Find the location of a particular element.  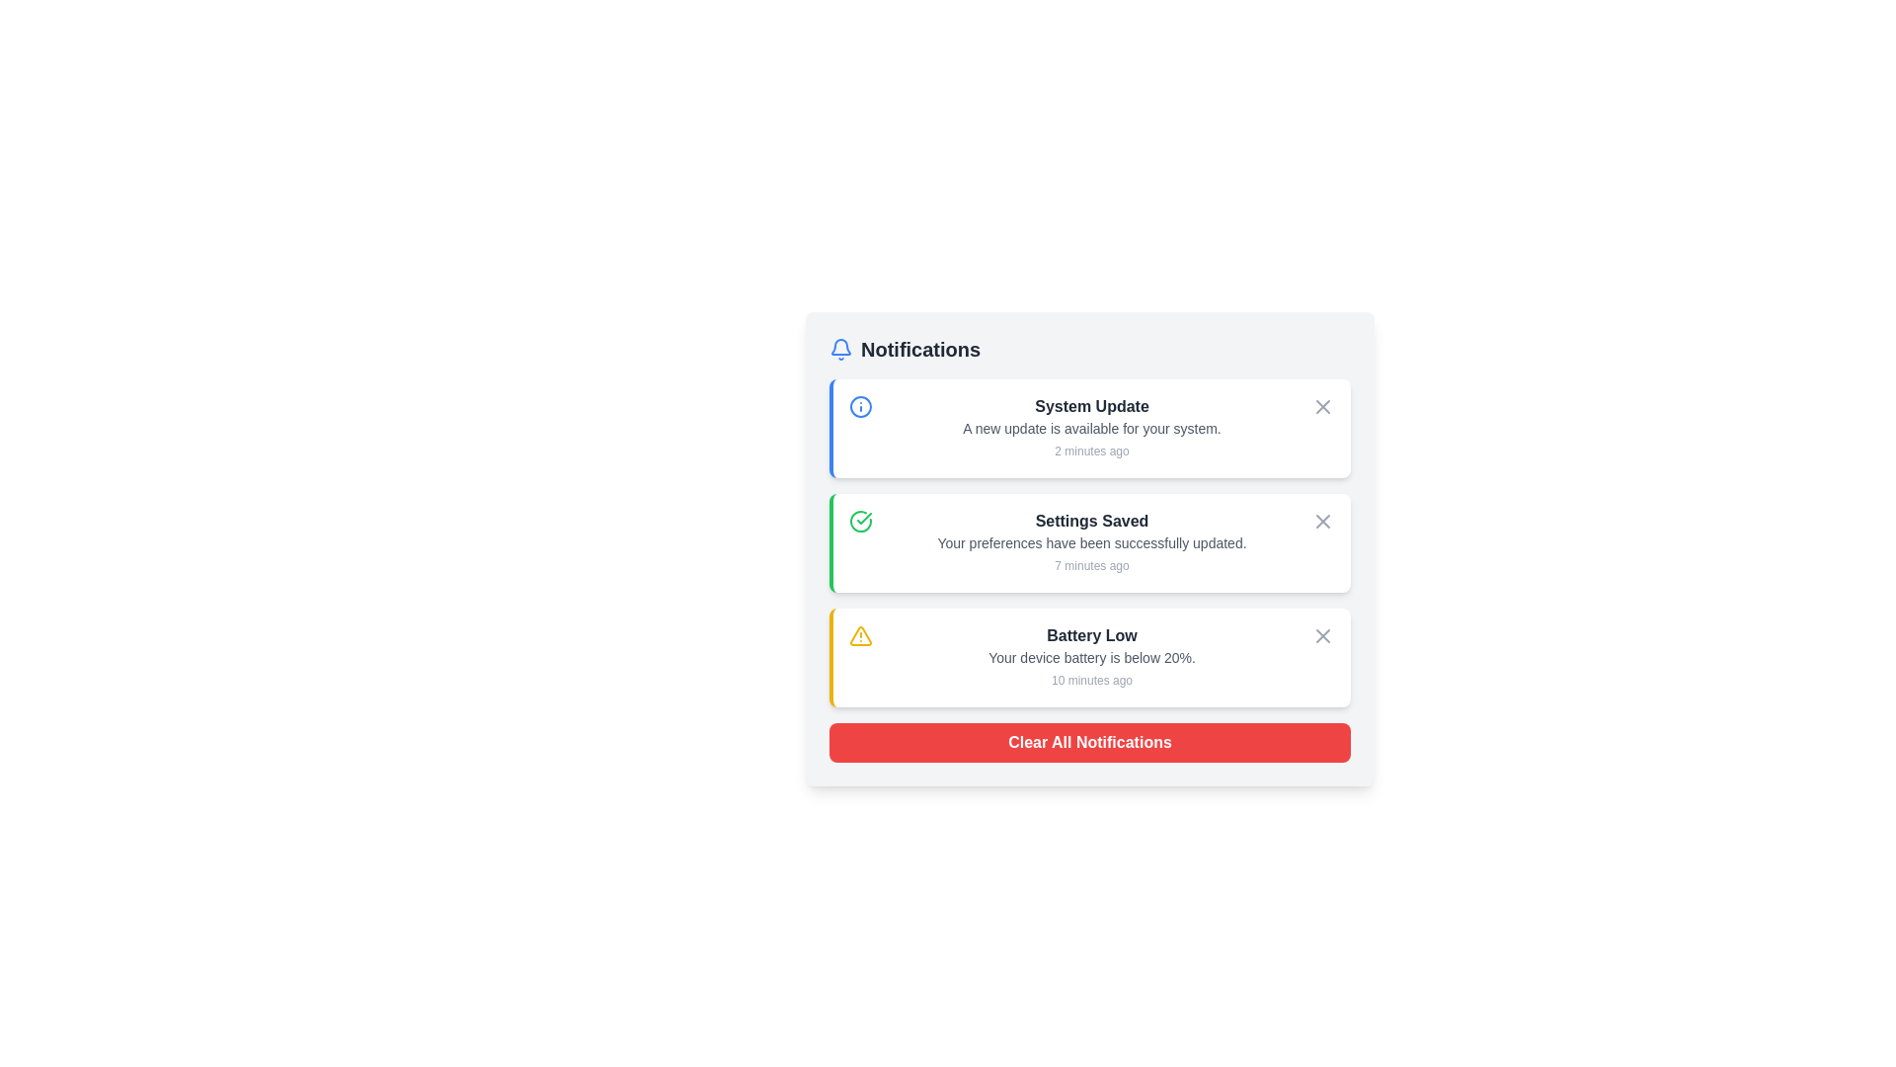

the close button located at the top-right corner of the 'System Update' notification block is located at coordinates (1322, 406).